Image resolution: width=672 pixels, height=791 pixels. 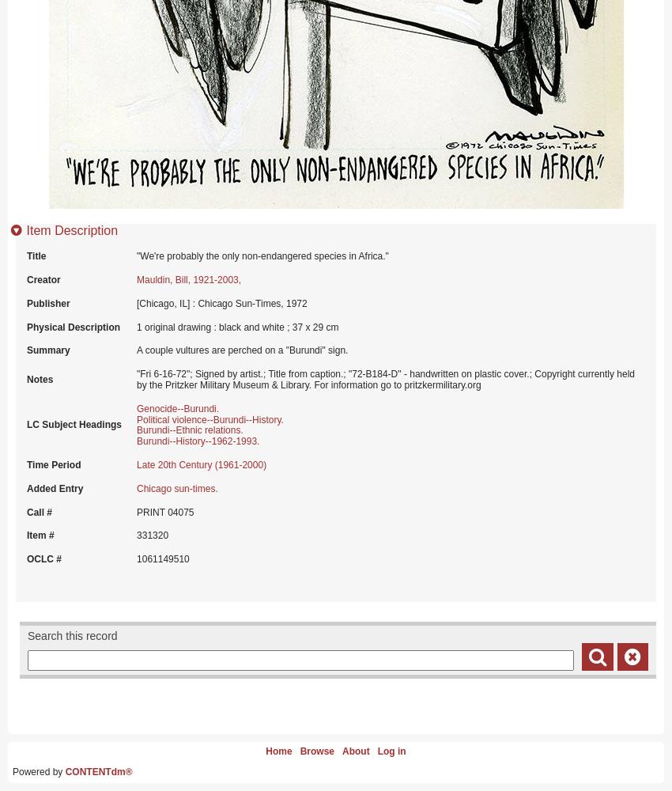 I want to click on '1061149510', so click(x=162, y=558).